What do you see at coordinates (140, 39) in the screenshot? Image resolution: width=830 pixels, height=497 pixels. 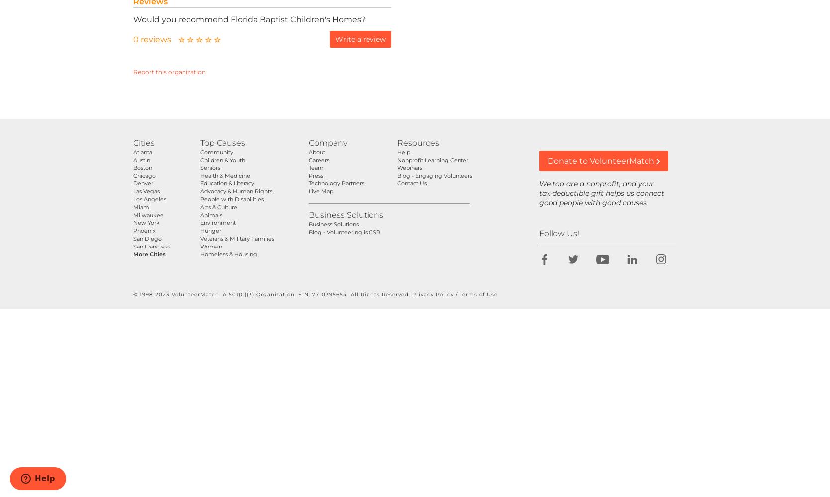 I see `'reviews'` at bounding box center [140, 39].